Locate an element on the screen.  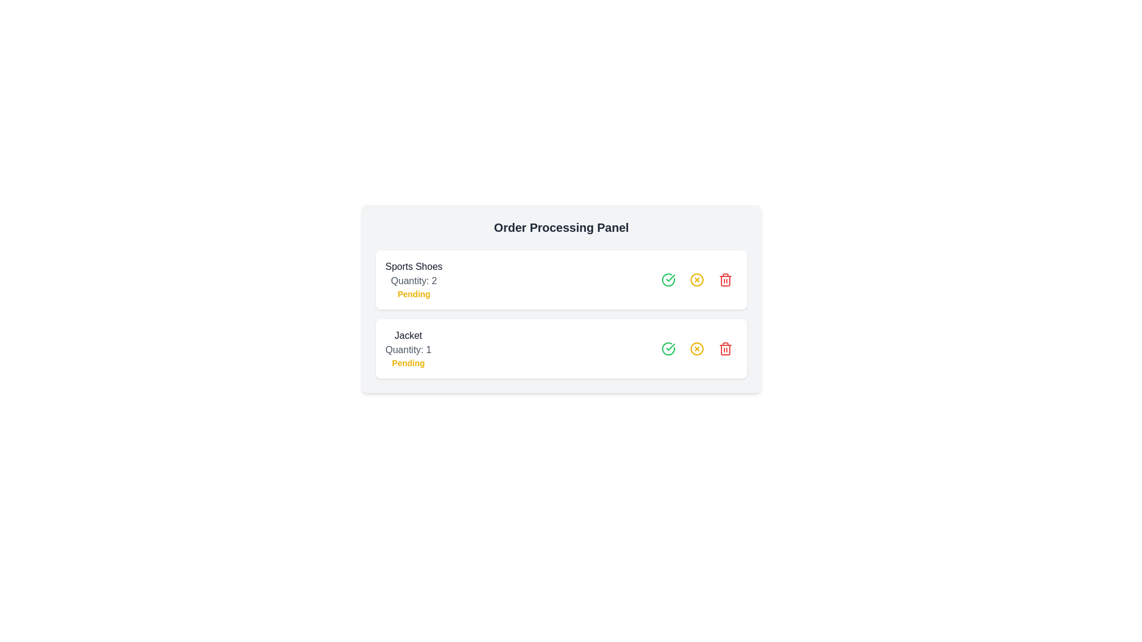
the circular icon with a yellow border and a yellow 'X' mark inside, located at the bottom-right corner of the 'Jacket' card is located at coordinates (697, 348).